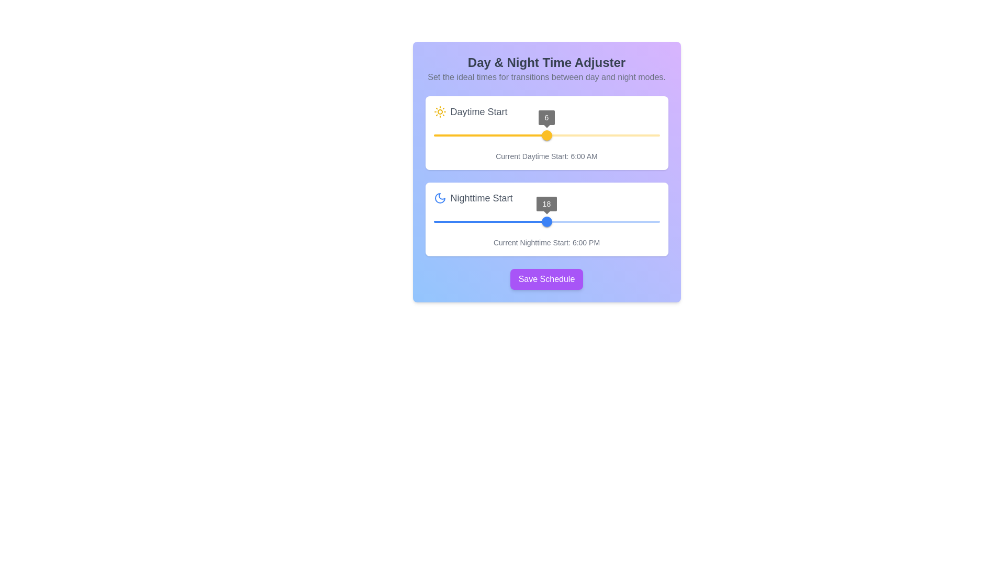 Image resolution: width=1005 pixels, height=565 pixels. What do you see at coordinates (480, 221) in the screenshot?
I see `nighttime start hour` at bounding box center [480, 221].